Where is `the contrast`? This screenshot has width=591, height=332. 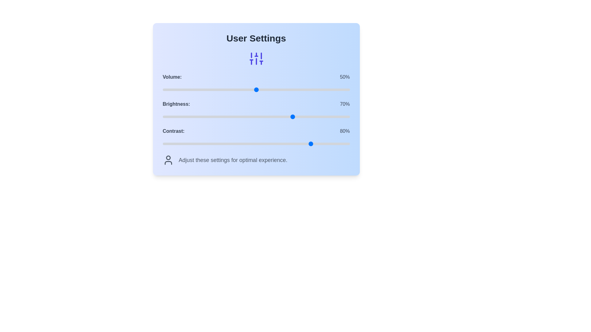 the contrast is located at coordinates (340, 144).